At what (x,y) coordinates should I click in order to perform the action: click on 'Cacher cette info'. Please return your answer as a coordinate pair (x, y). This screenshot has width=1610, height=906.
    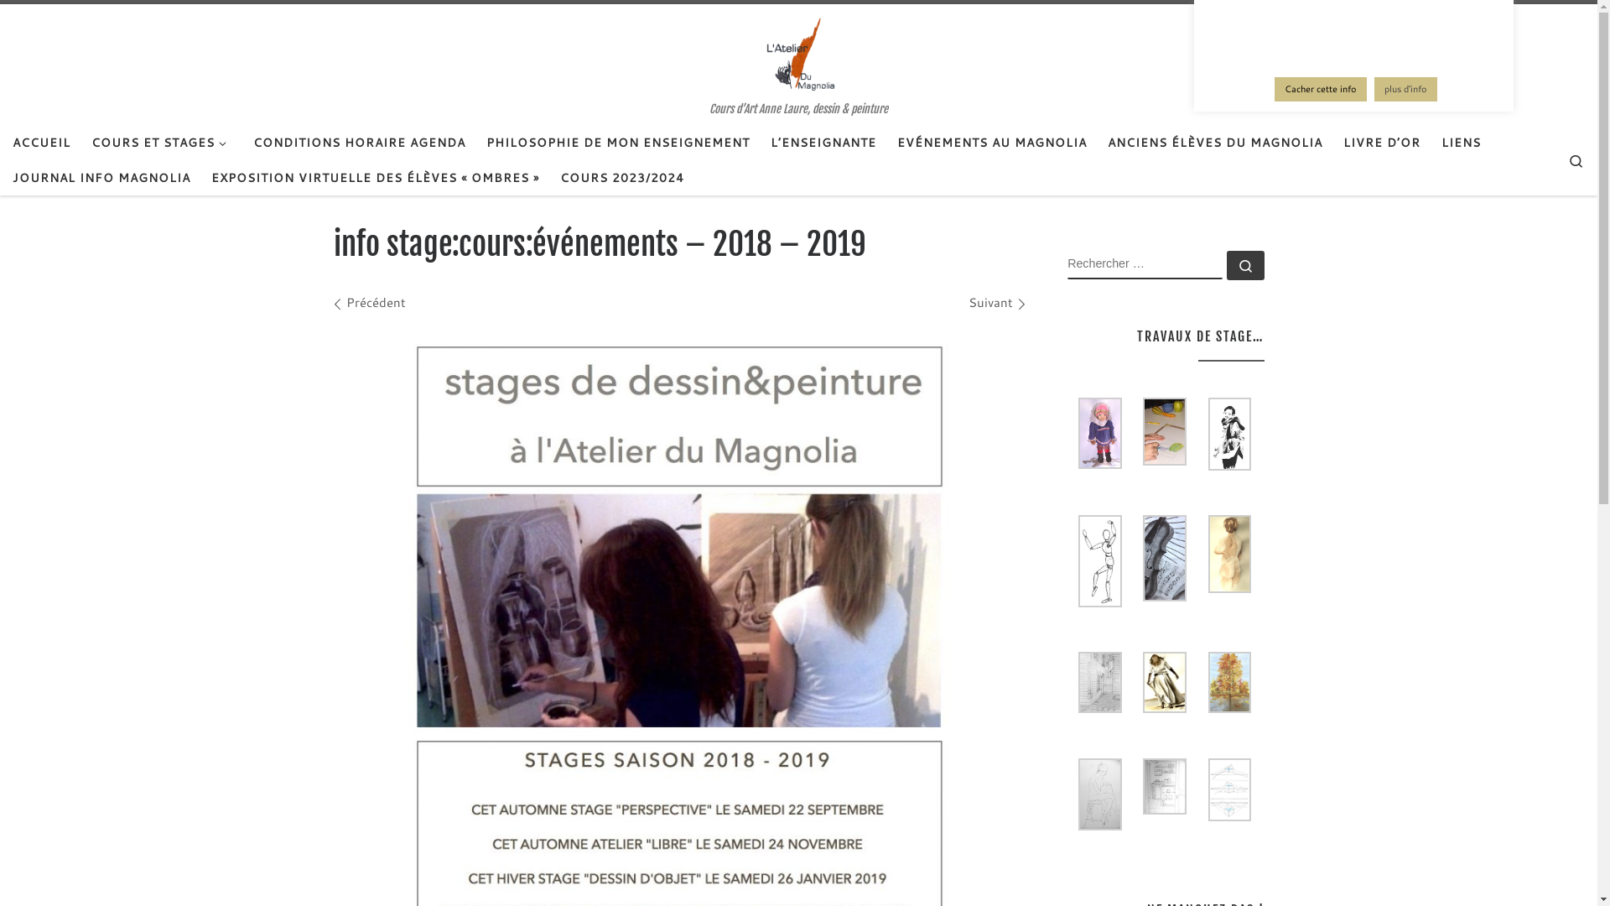
    Looking at the image, I should click on (1319, 89).